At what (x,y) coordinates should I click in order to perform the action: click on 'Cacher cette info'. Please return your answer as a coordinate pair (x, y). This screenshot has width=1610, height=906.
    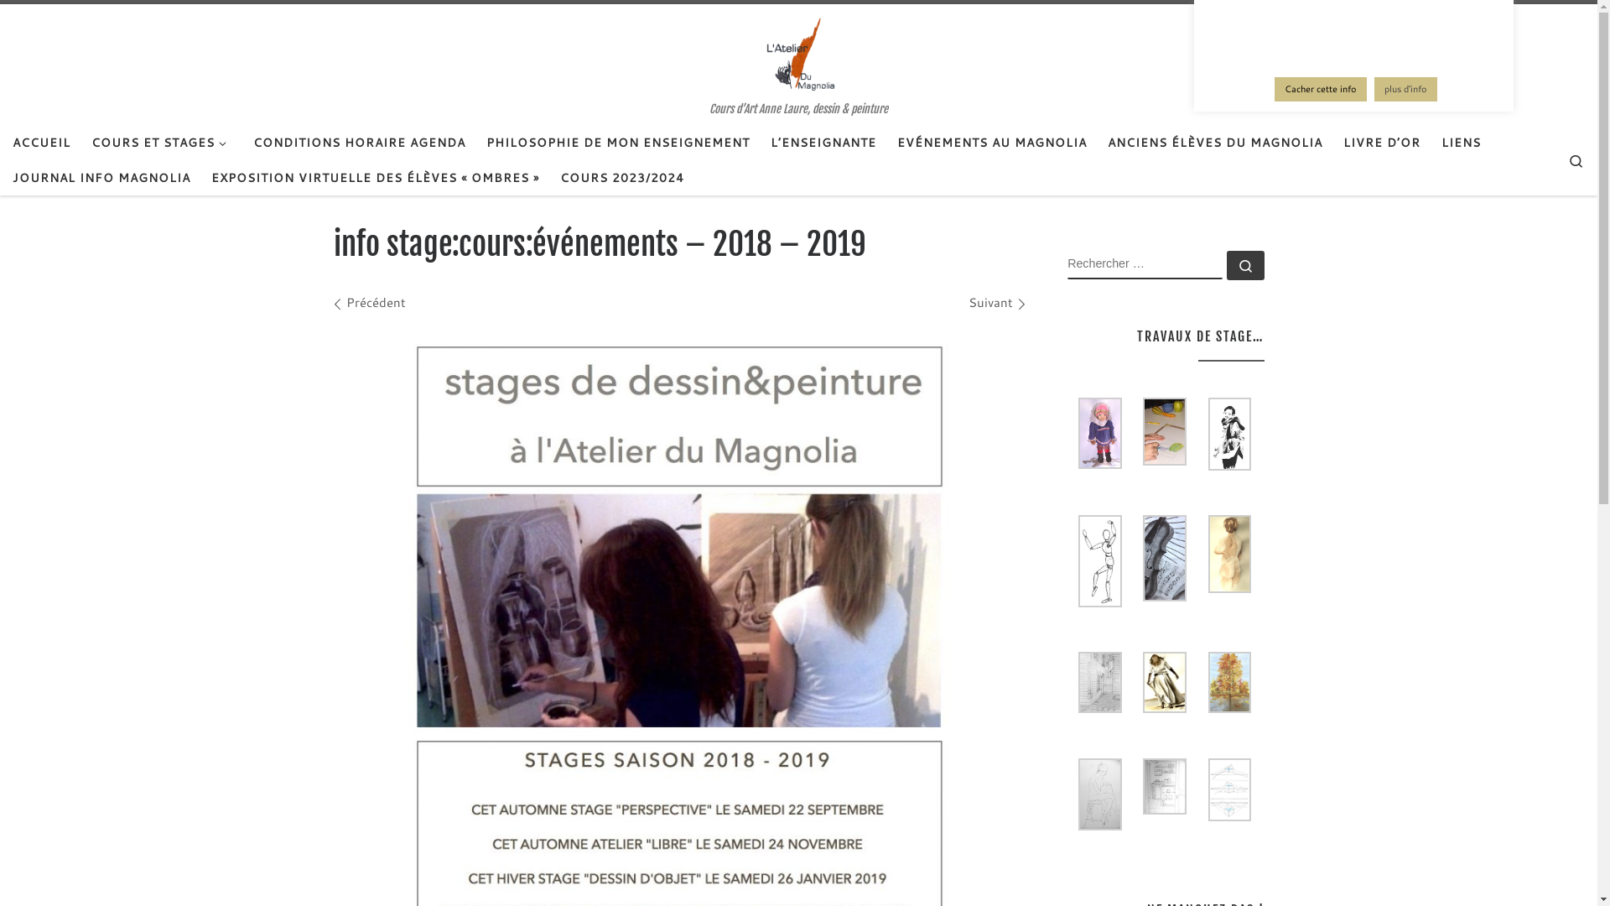
    Looking at the image, I should click on (1319, 89).